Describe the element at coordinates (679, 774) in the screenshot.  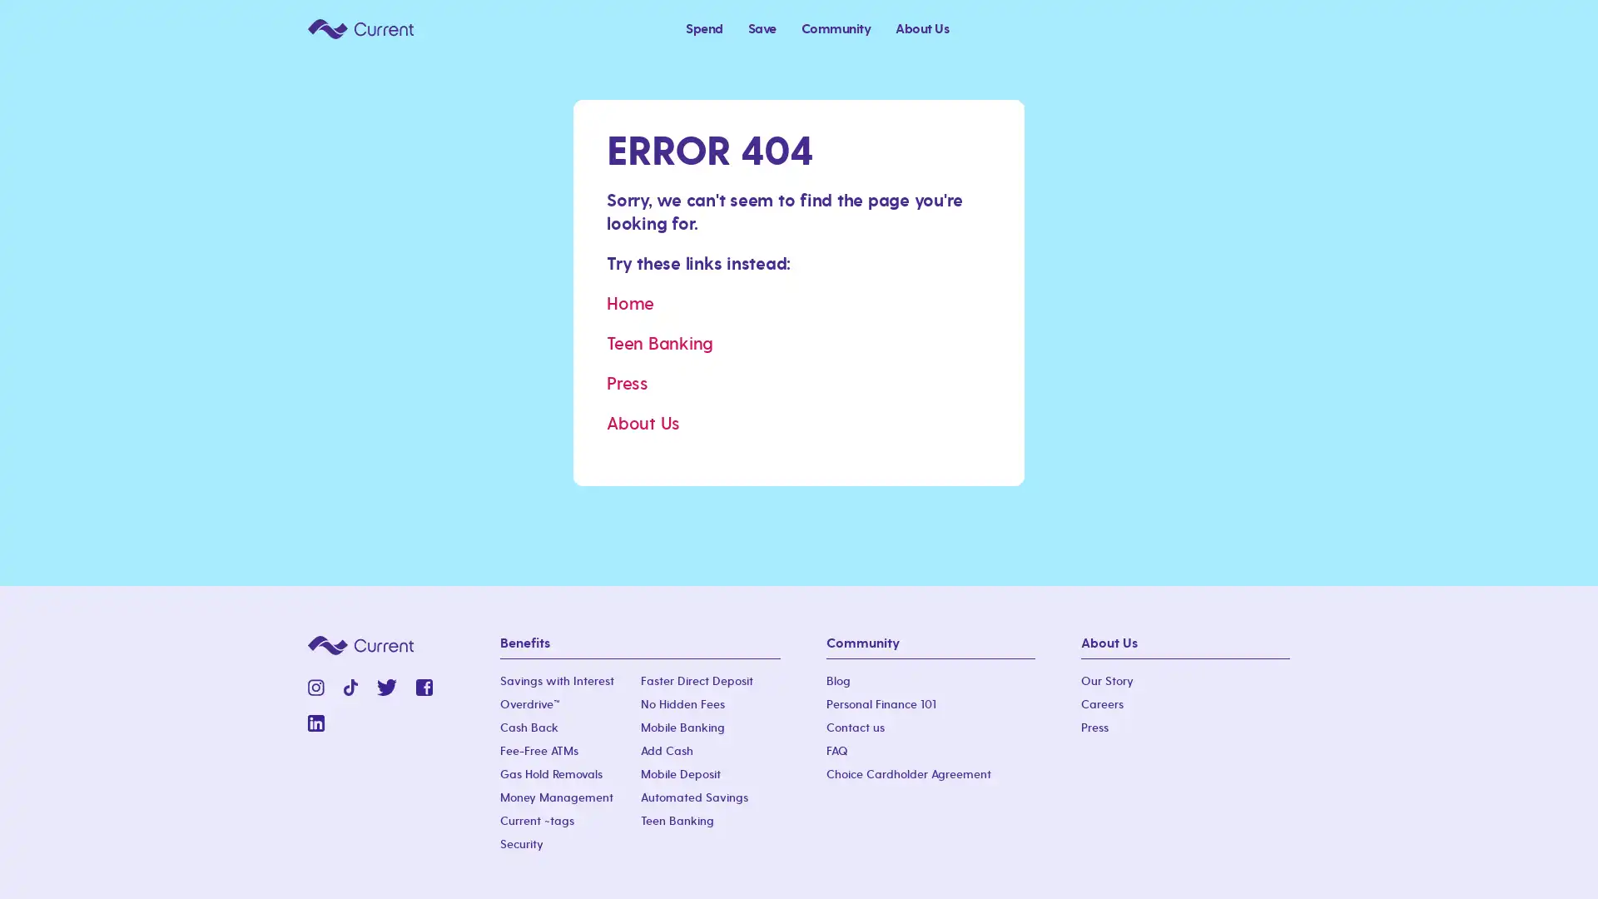
I see `Mobile Deposit` at that location.